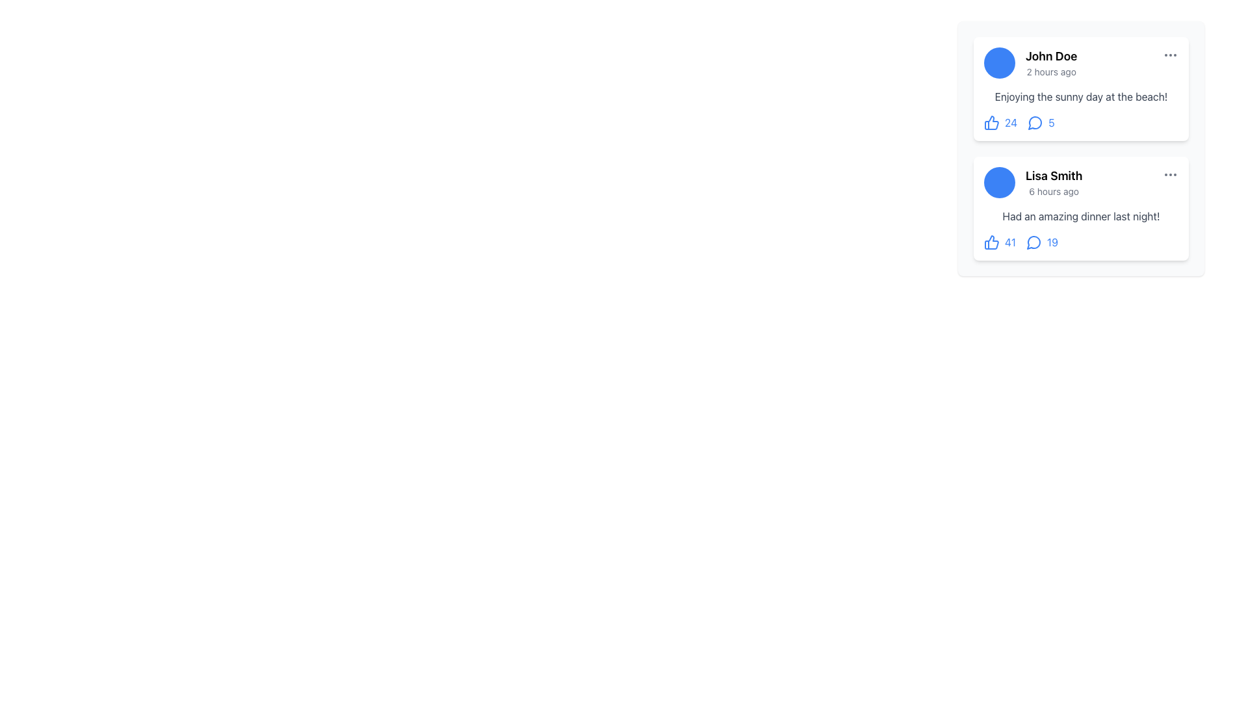 This screenshot has height=702, width=1248. Describe the element at coordinates (1170, 174) in the screenshot. I see `the Icon button represented by three vertical gray dots located at the top-right corner of 'Lisa Smith's' post` at that location.